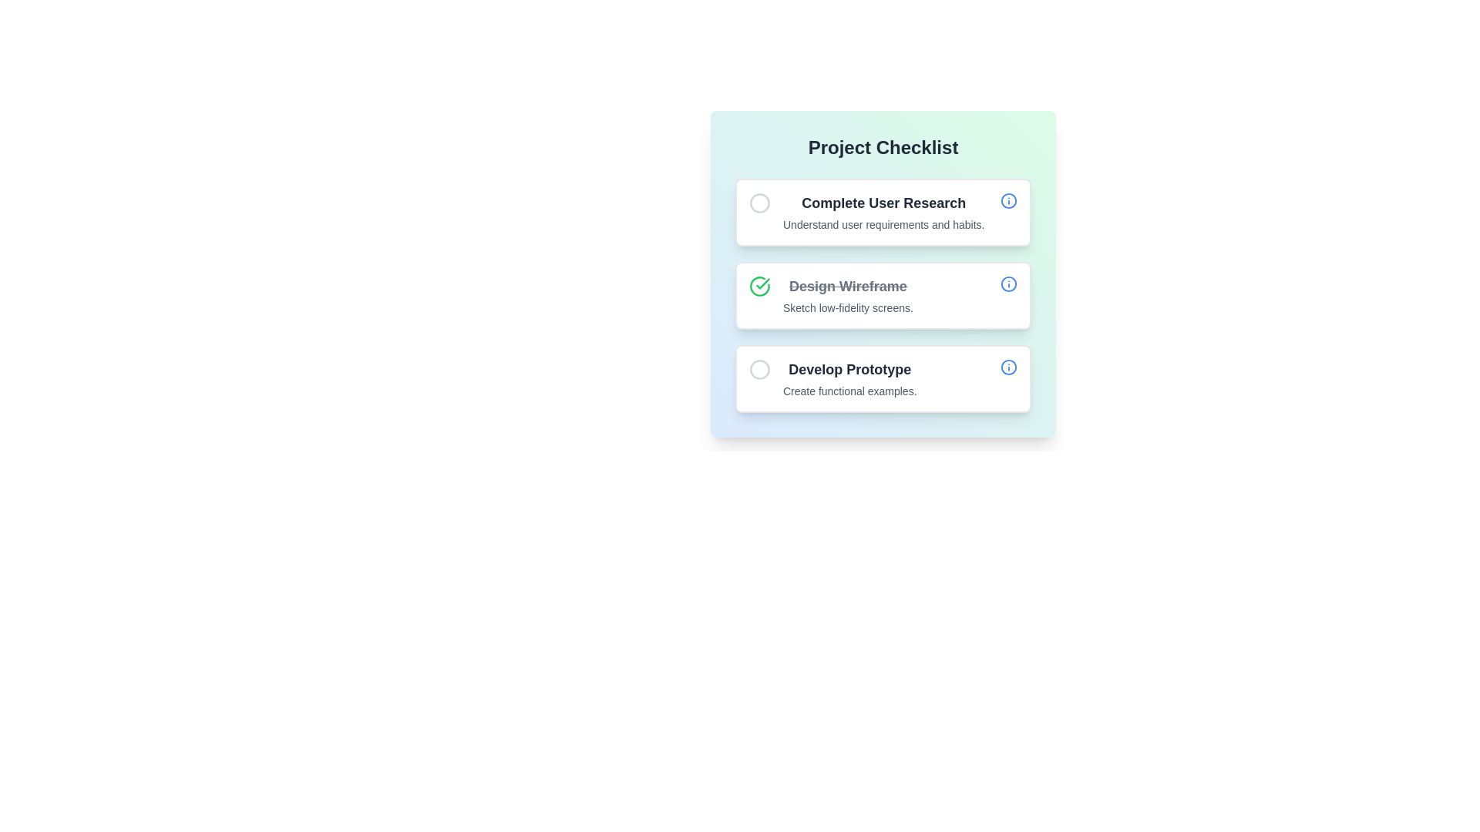 This screenshot has width=1480, height=832. Describe the element at coordinates (883, 296) in the screenshot. I see `the section titled 'Design Wireframe' in the Project Checklist, which contains a line-through title and a description about low-fidelity screens` at that location.